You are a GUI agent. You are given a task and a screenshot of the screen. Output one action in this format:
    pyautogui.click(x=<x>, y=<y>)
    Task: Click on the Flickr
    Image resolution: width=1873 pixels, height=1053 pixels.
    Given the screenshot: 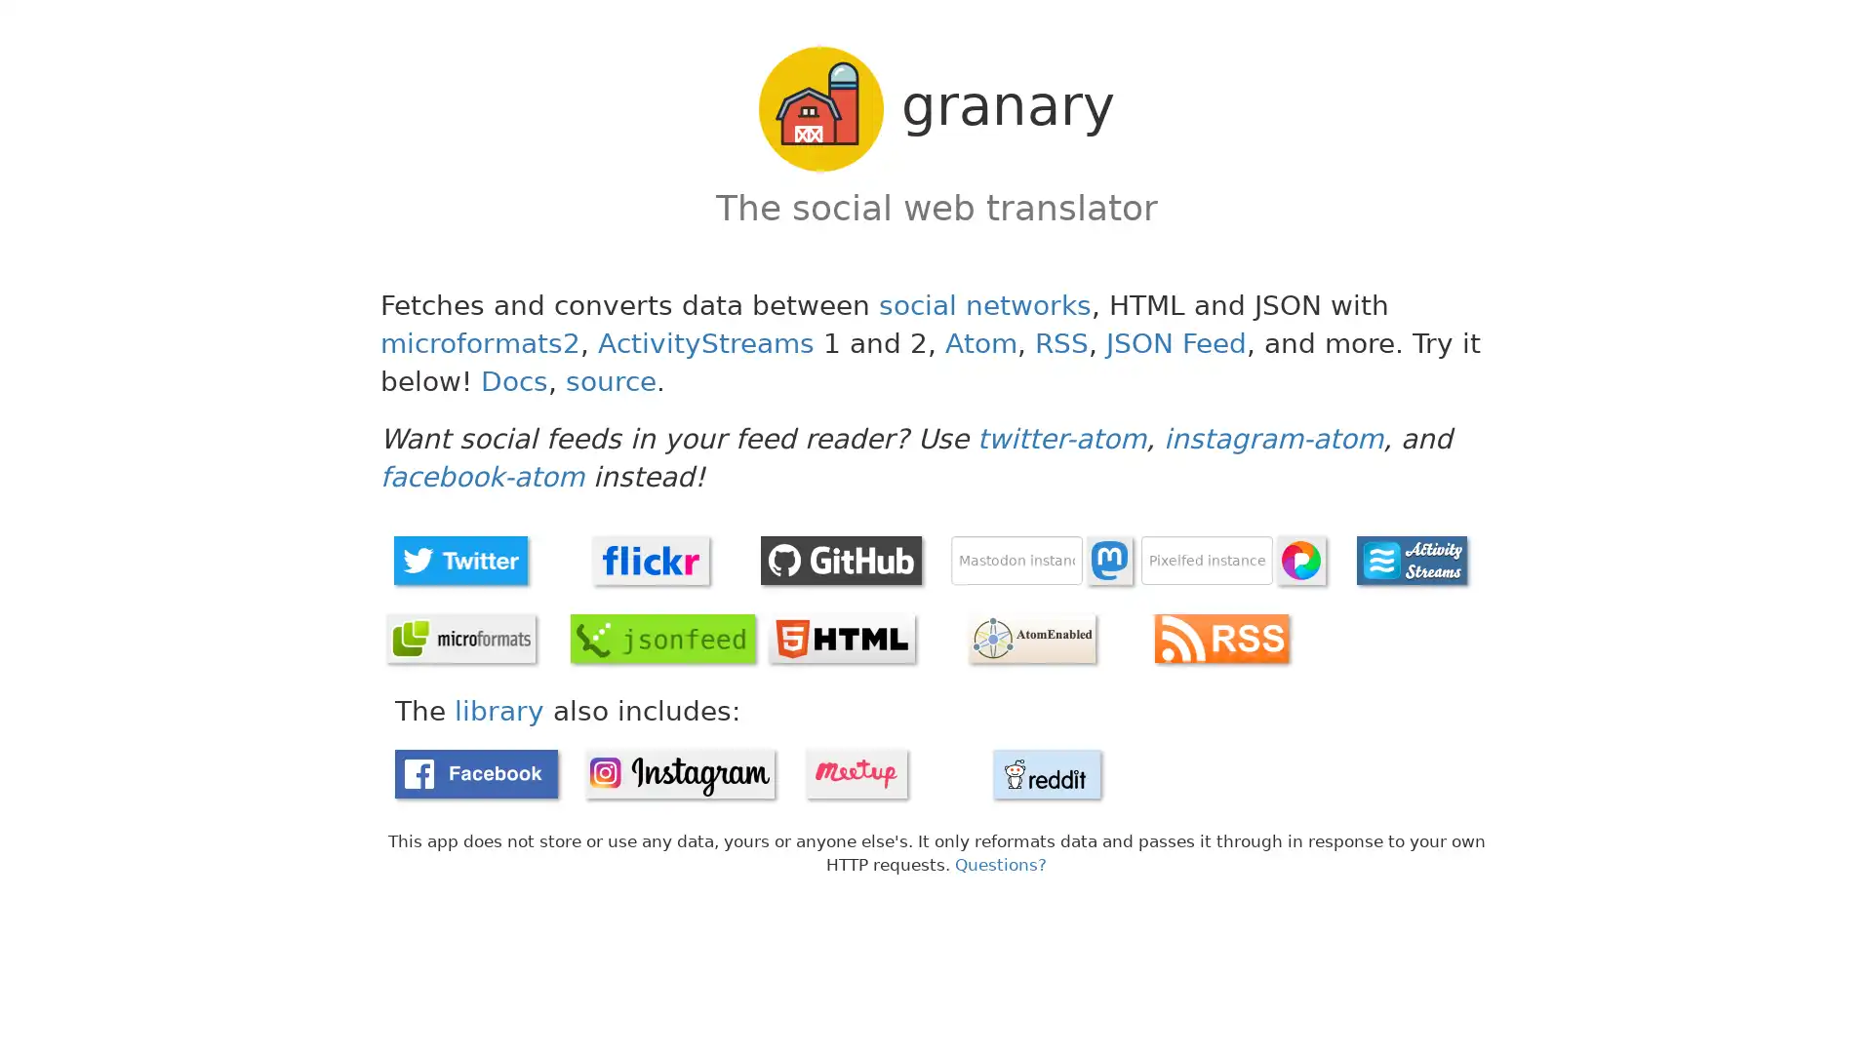 What is the action you would take?
    pyautogui.click(x=651, y=560)
    